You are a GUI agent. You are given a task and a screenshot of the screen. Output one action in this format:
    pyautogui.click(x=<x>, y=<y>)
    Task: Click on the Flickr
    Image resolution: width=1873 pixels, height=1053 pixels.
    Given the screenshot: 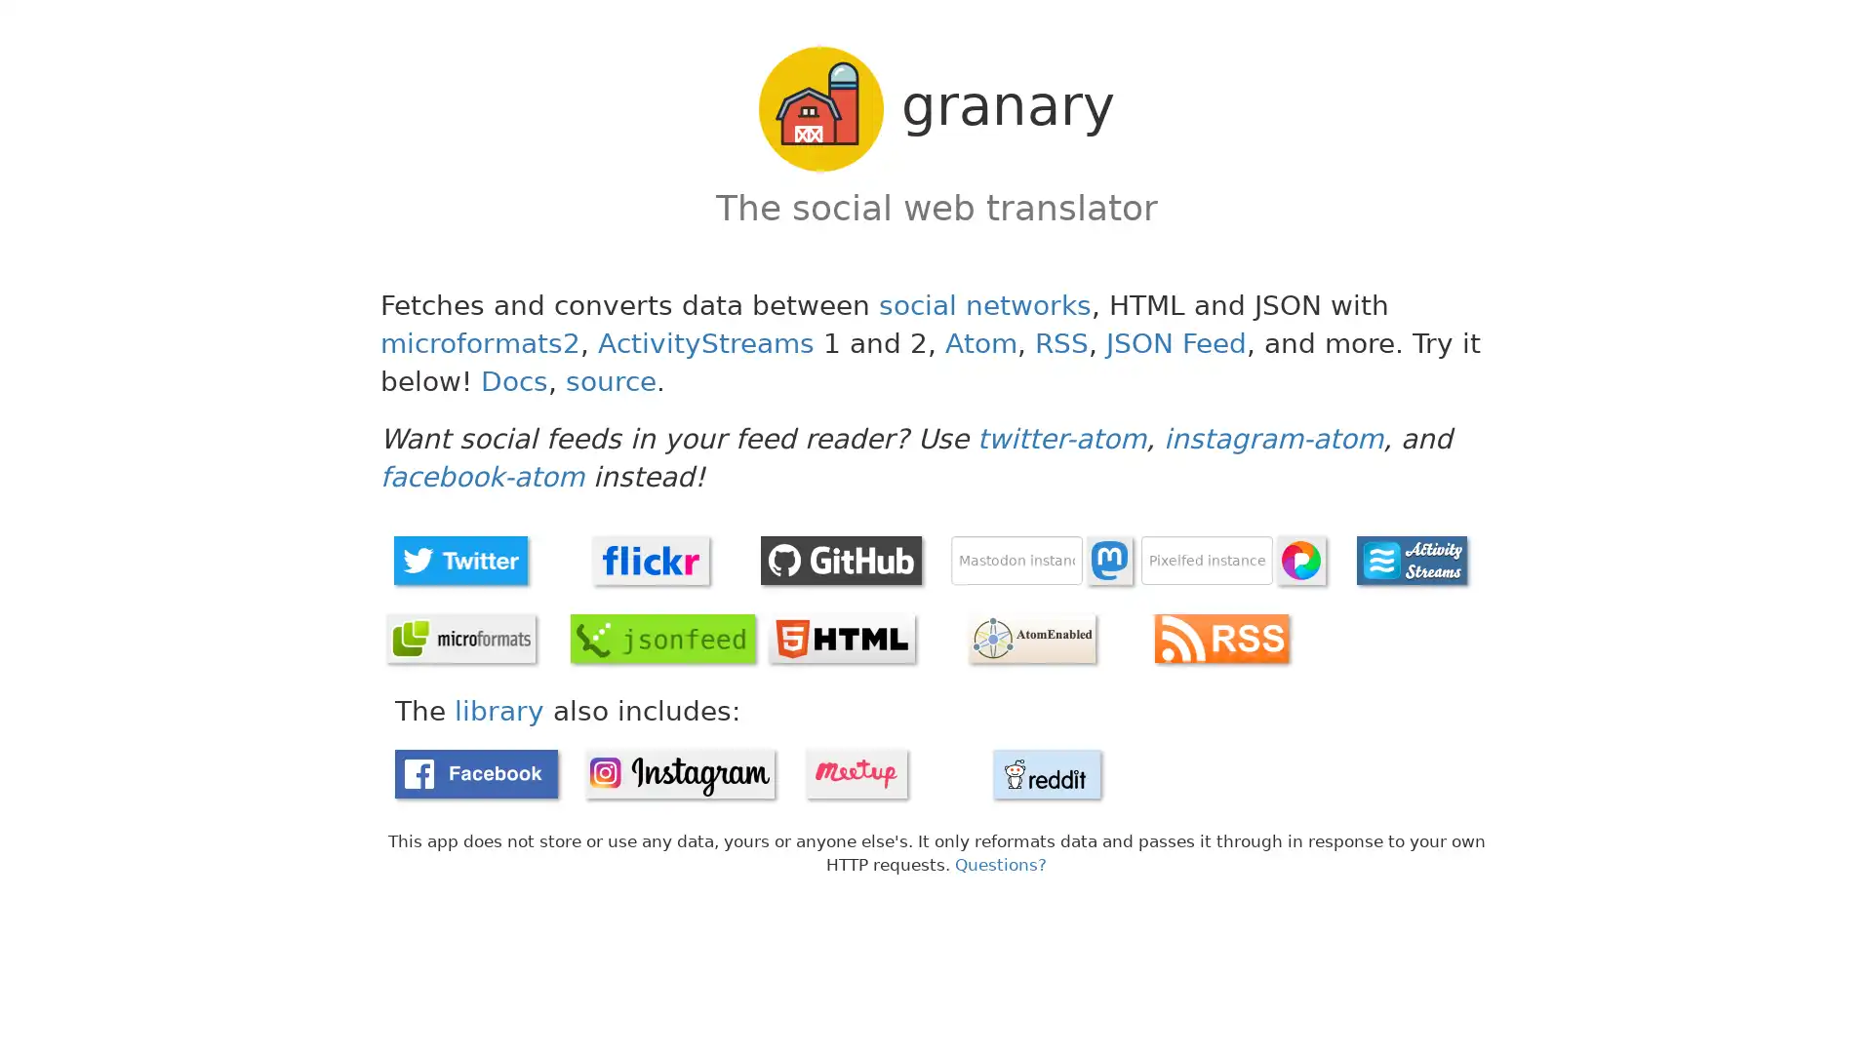 What is the action you would take?
    pyautogui.click(x=651, y=560)
    